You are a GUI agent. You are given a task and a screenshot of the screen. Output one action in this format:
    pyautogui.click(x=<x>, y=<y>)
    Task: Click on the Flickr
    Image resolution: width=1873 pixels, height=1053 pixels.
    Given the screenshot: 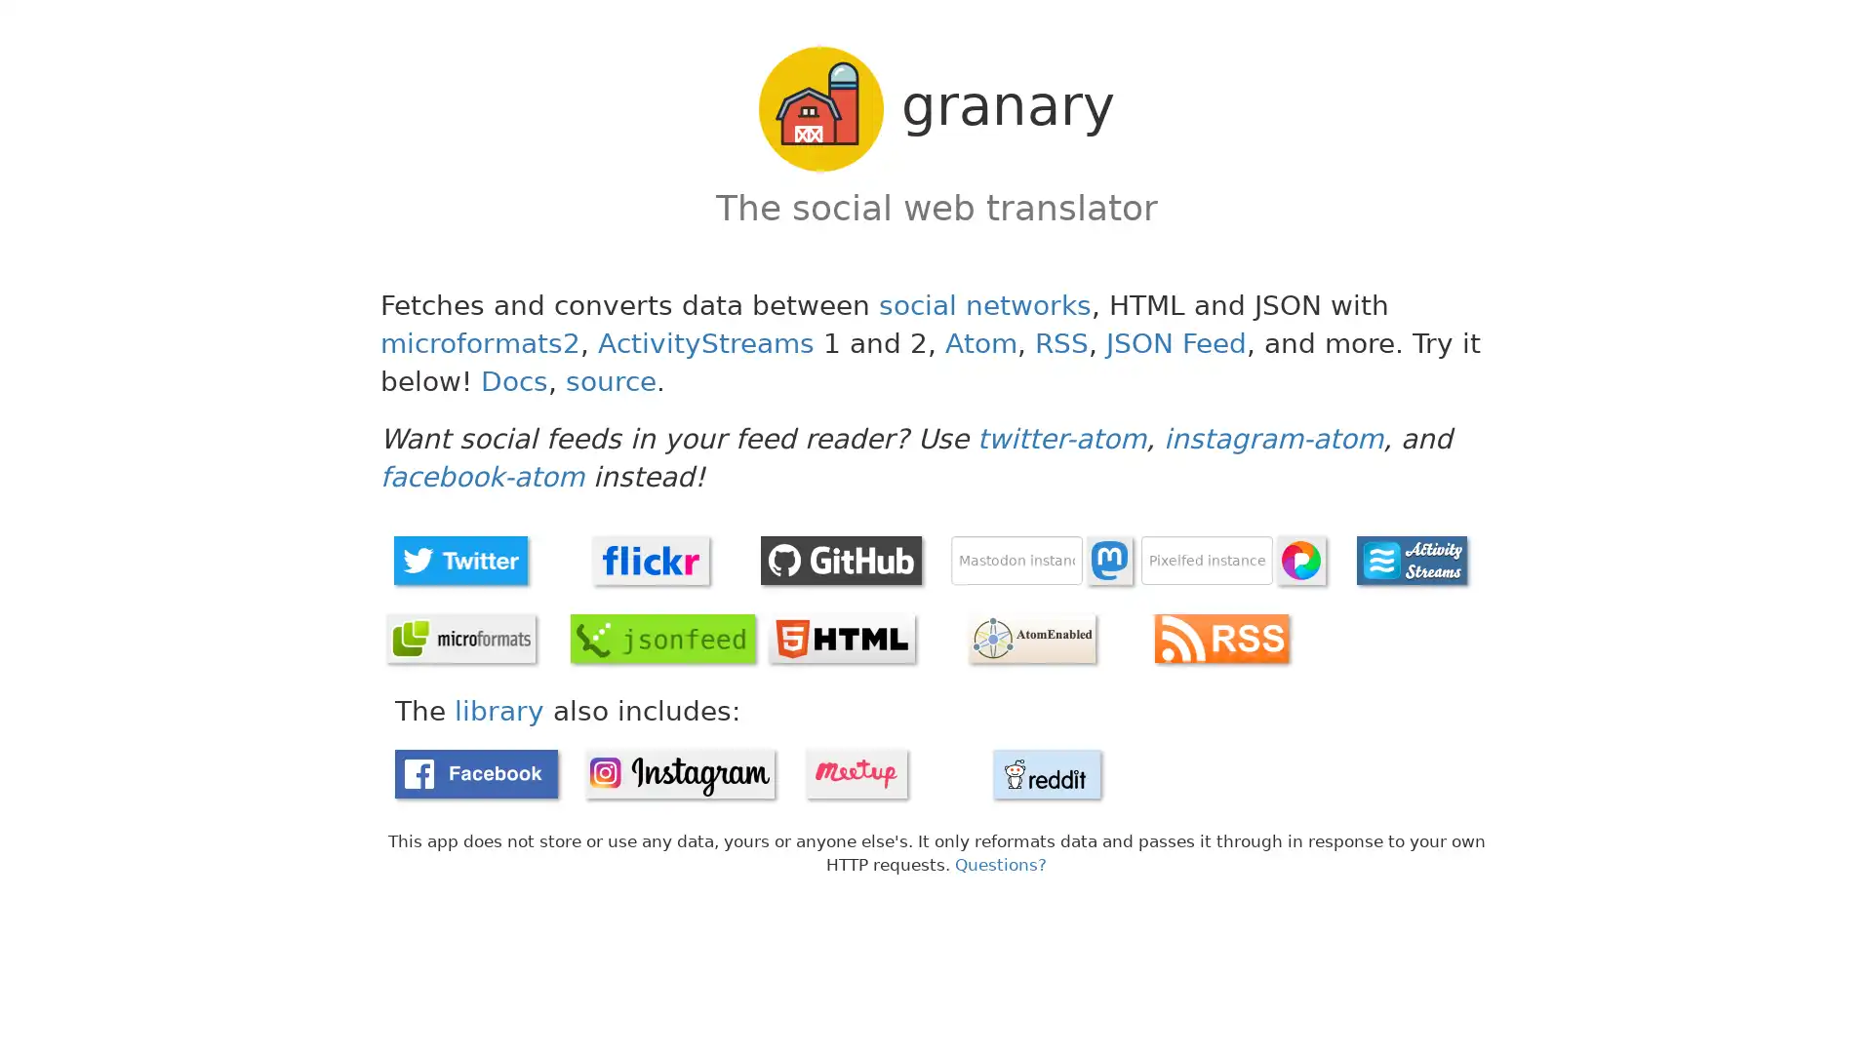 What is the action you would take?
    pyautogui.click(x=651, y=560)
    